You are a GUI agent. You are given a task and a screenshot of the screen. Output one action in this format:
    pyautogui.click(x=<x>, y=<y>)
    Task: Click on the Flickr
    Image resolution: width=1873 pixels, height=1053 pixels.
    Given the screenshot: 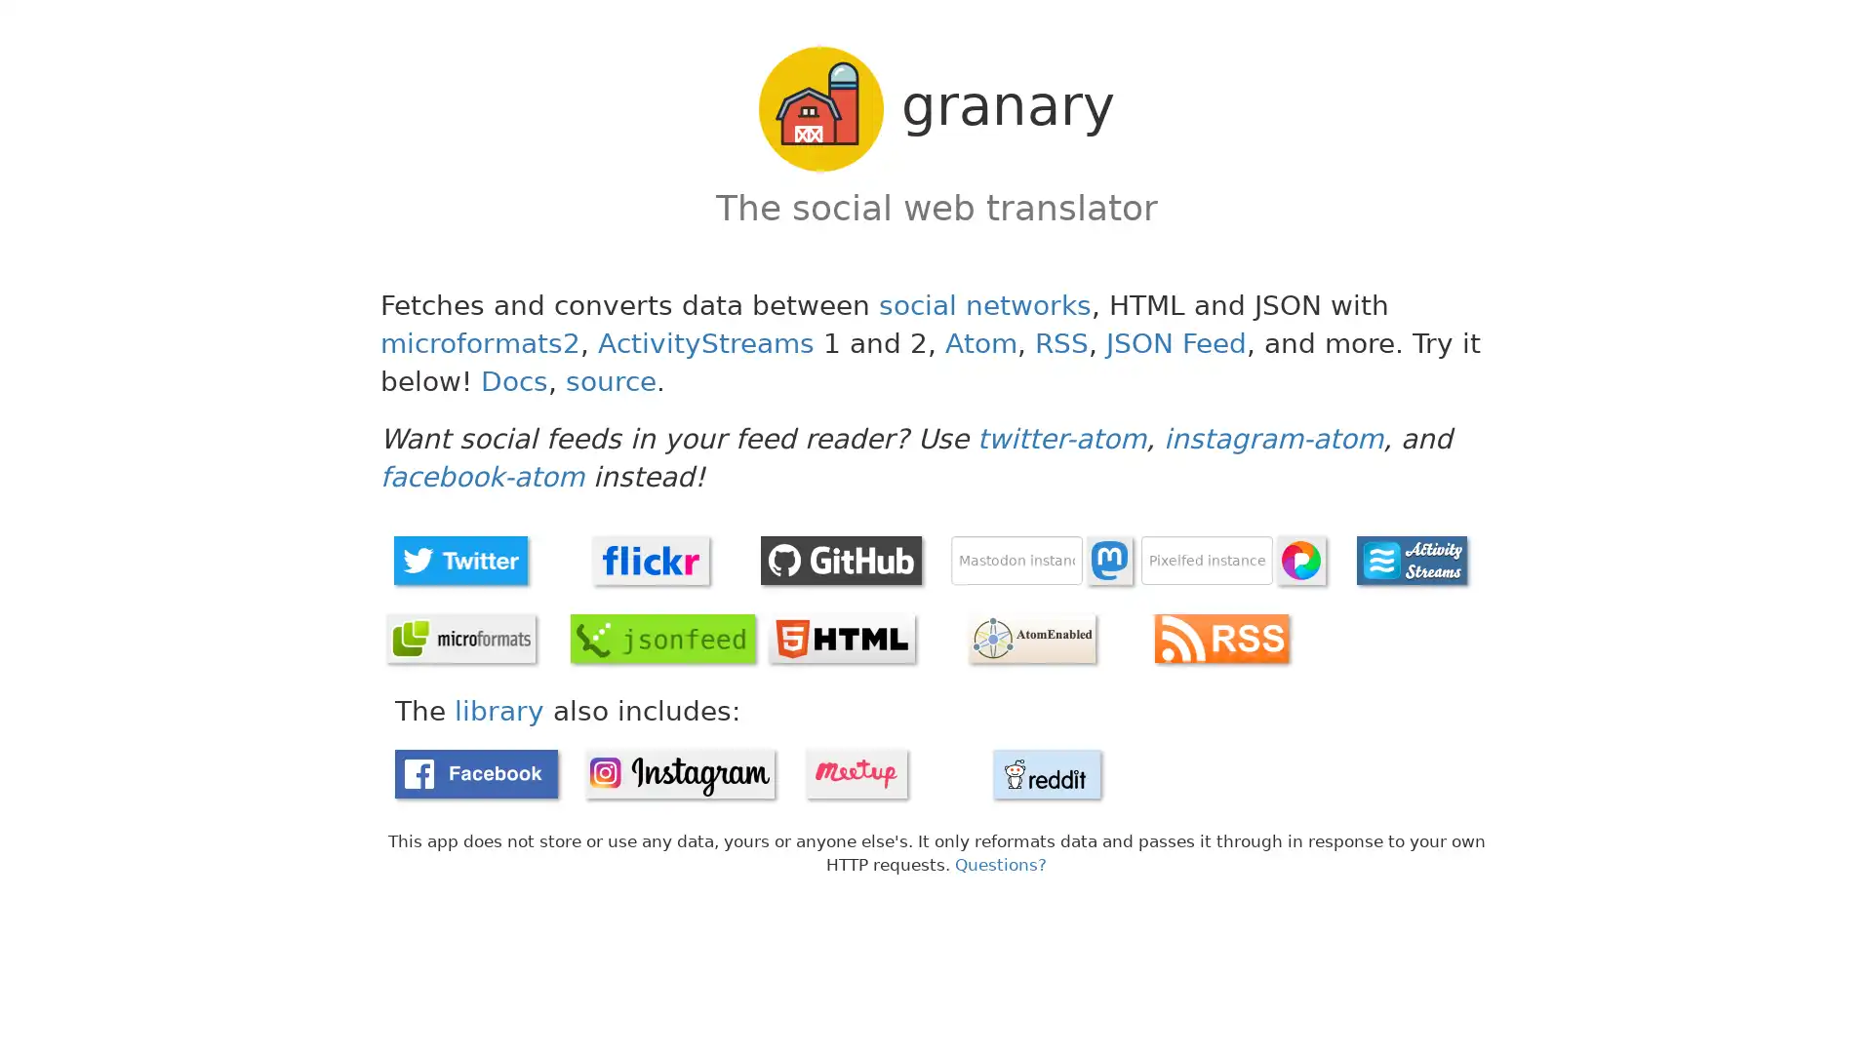 What is the action you would take?
    pyautogui.click(x=651, y=560)
    